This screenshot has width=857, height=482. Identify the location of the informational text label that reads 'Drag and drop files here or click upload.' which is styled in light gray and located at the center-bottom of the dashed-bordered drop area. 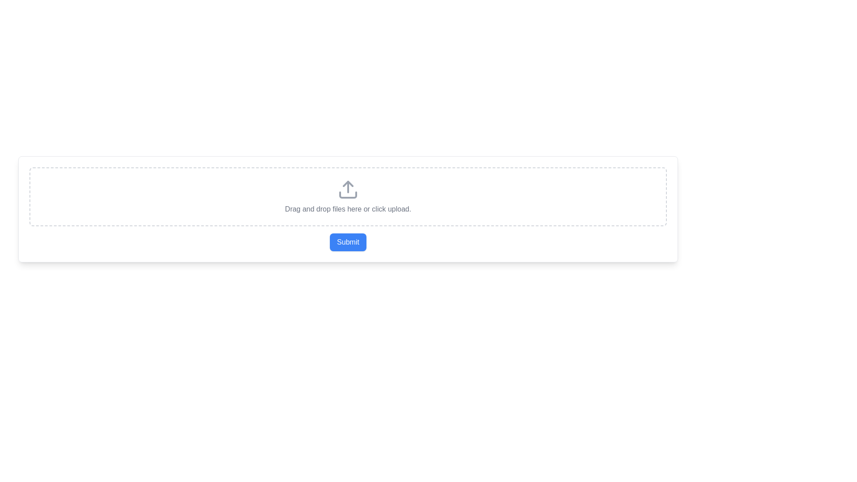
(347, 209).